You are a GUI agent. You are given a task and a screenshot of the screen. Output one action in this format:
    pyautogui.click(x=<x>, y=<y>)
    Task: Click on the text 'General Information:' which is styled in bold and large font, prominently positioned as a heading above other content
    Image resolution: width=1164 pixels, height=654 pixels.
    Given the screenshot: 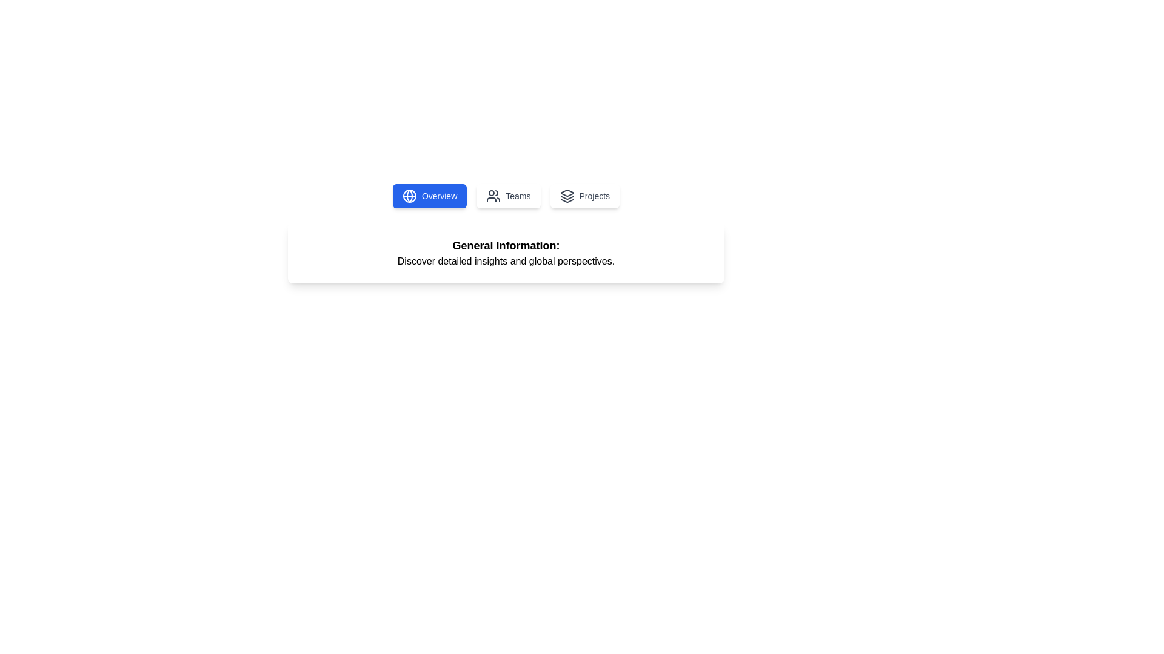 What is the action you would take?
    pyautogui.click(x=506, y=245)
    